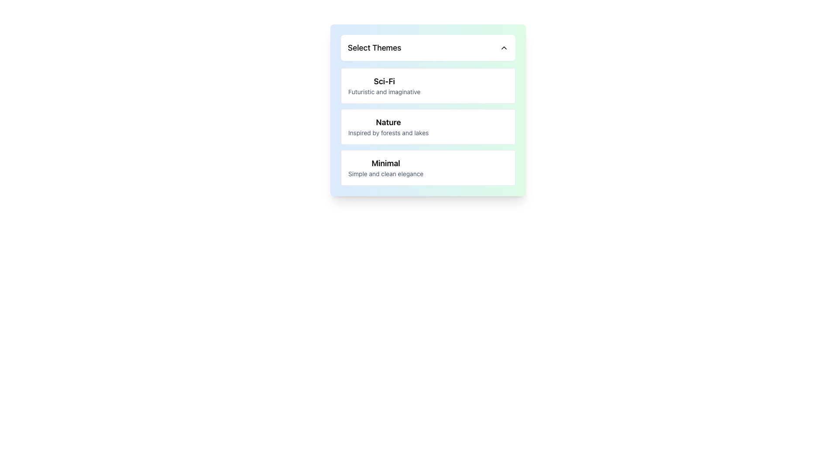  I want to click on the Textual Display Block that serves as a descriptive title and subtitle for the second theme card, which is centrally located in the vertical stack of themes, so click(388, 126).